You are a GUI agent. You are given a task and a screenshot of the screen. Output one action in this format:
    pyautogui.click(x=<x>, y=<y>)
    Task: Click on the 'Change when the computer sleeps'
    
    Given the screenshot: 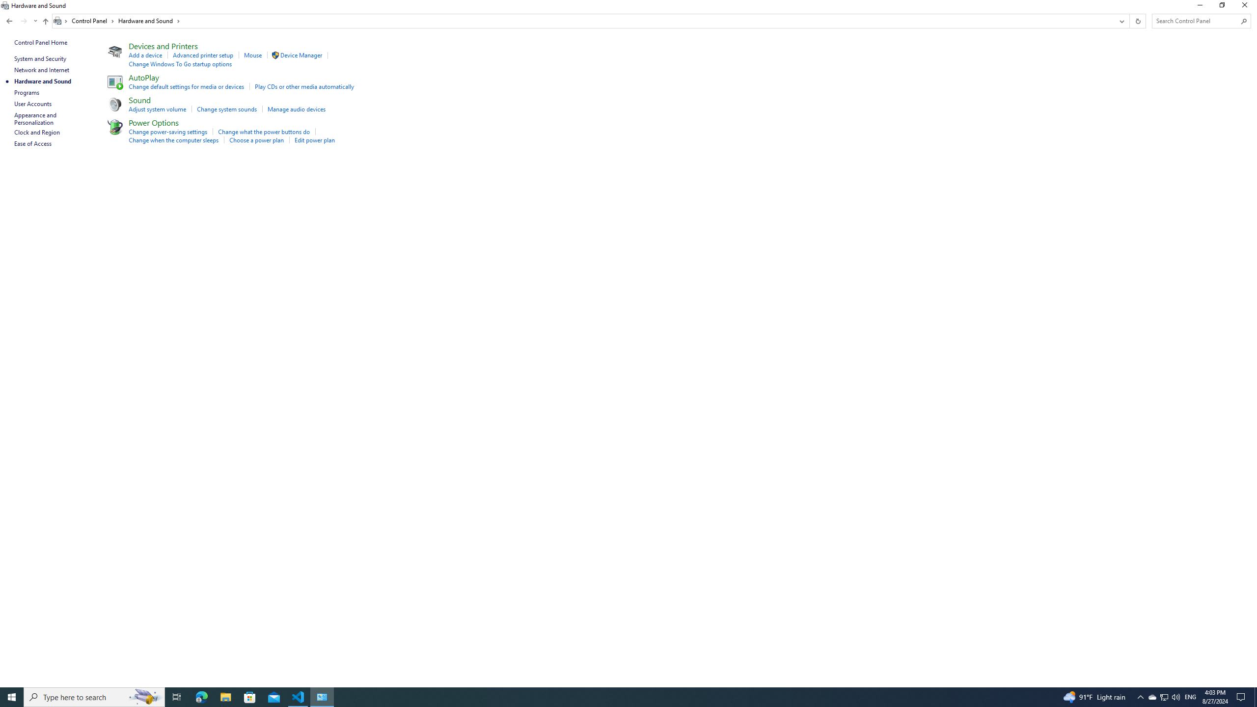 What is the action you would take?
    pyautogui.click(x=174, y=139)
    